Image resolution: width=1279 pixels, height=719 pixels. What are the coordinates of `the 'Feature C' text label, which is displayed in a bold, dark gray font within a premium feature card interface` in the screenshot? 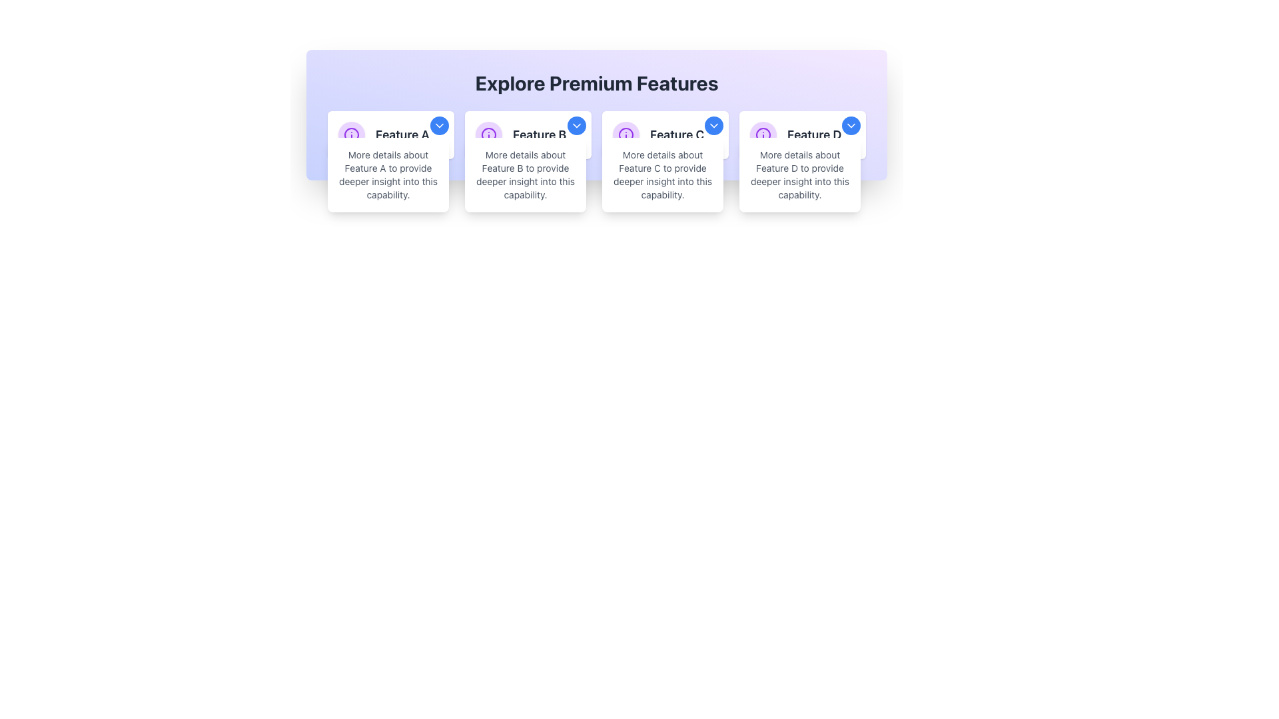 It's located at (677, 135).